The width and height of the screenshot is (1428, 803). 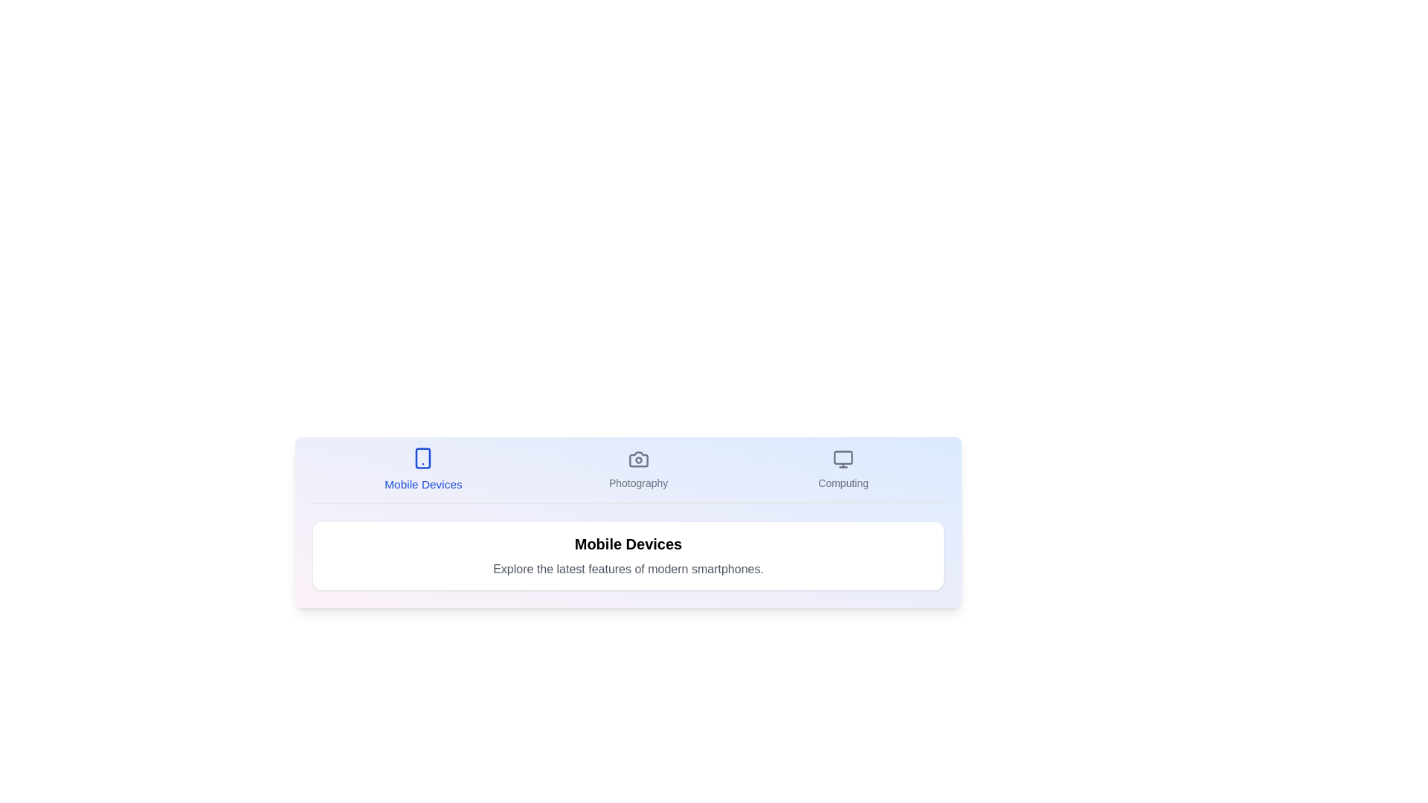 What do you see at coordinates (628, 570) in the screenshot?
I see `the background or container area of the component` at bounding box center [628, 570].